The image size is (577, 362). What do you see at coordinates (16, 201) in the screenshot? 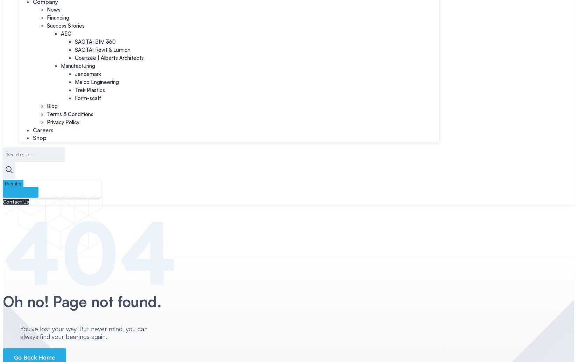
I see `'Contact Us'` at bounding box center [16, 201].